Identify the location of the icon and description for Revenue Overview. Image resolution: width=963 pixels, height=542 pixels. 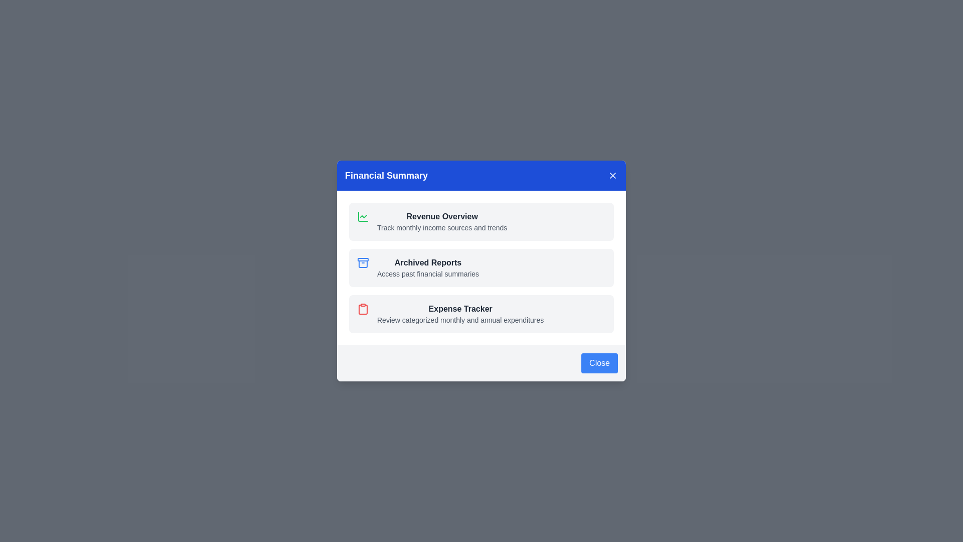
(363, 216).